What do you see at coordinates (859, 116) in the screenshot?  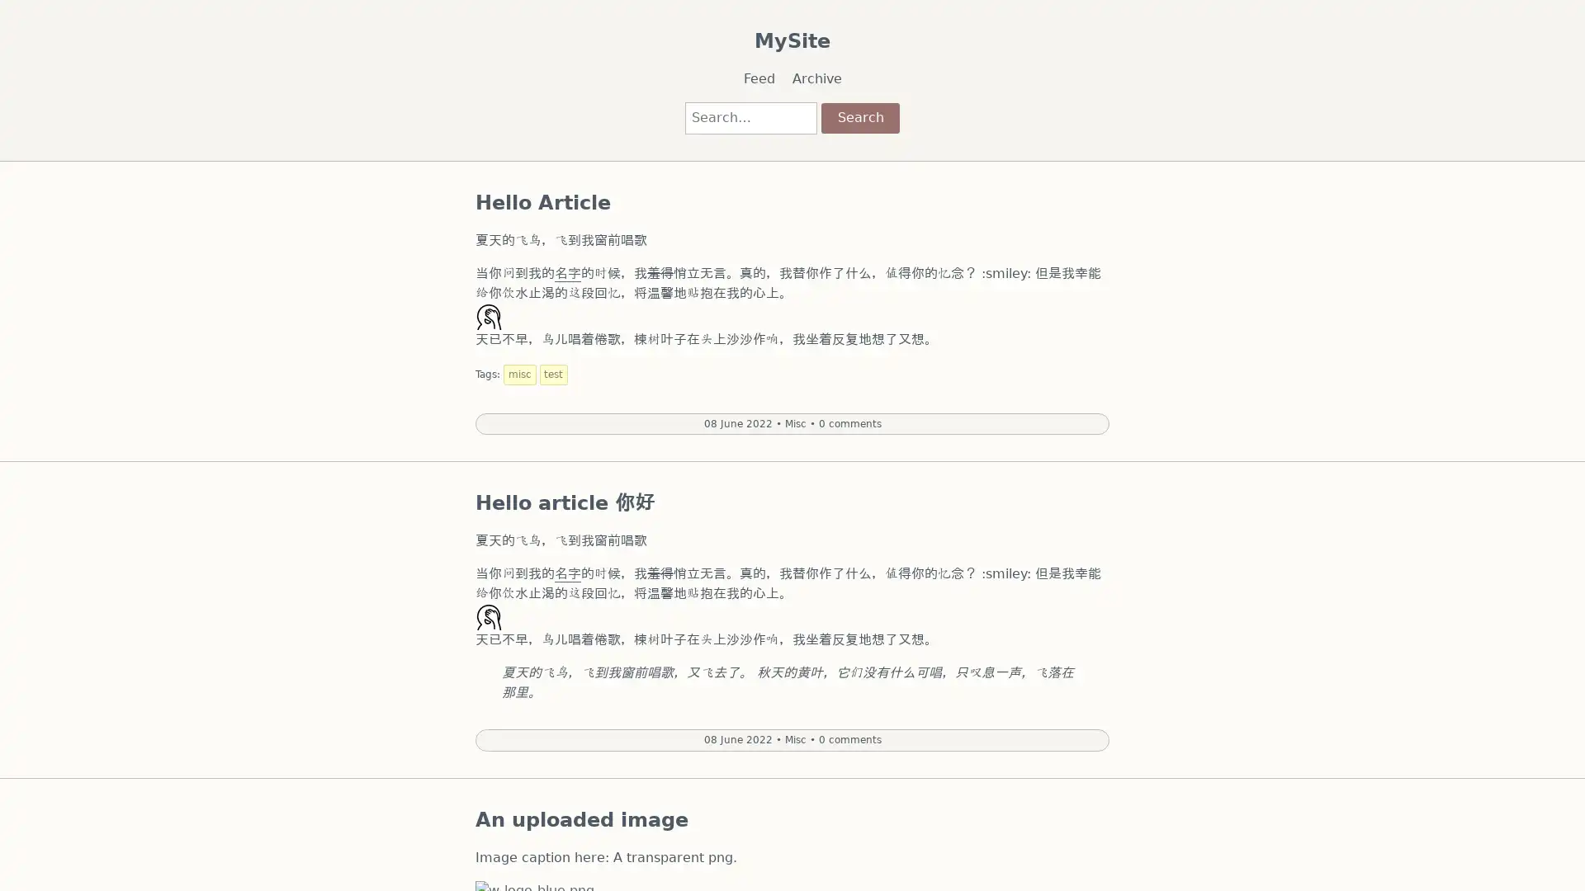 I see `Search` at bounding box center [859, 116].